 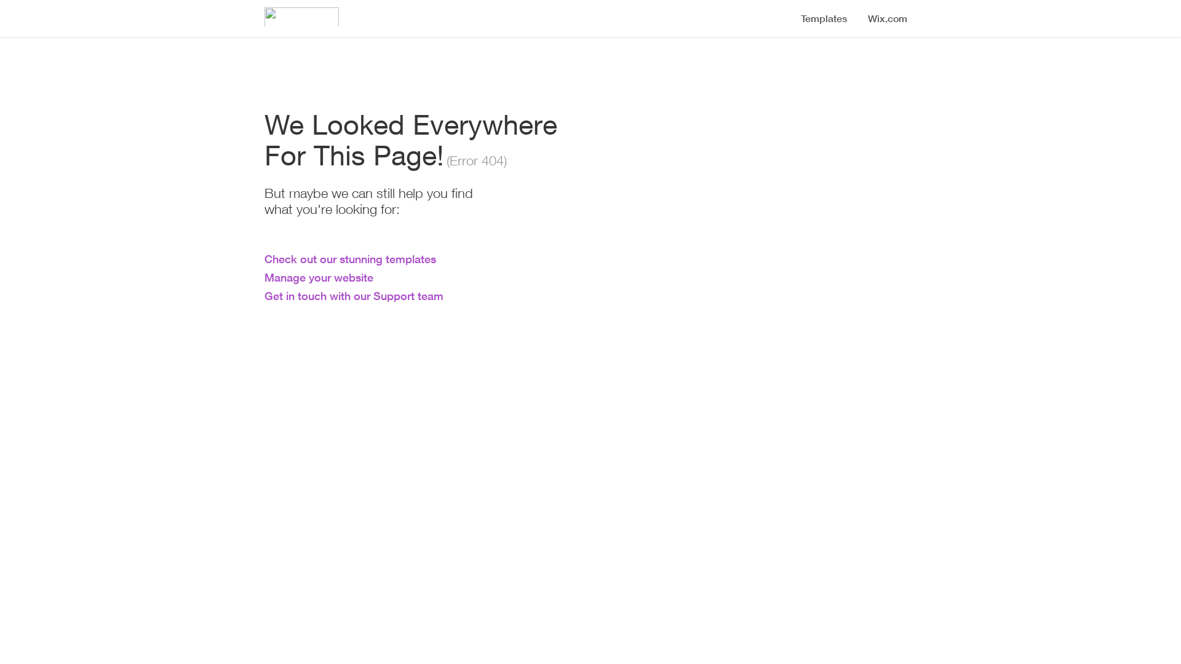 I want to click on 'Get in touch with our Support team', so click(x=353, y=296).